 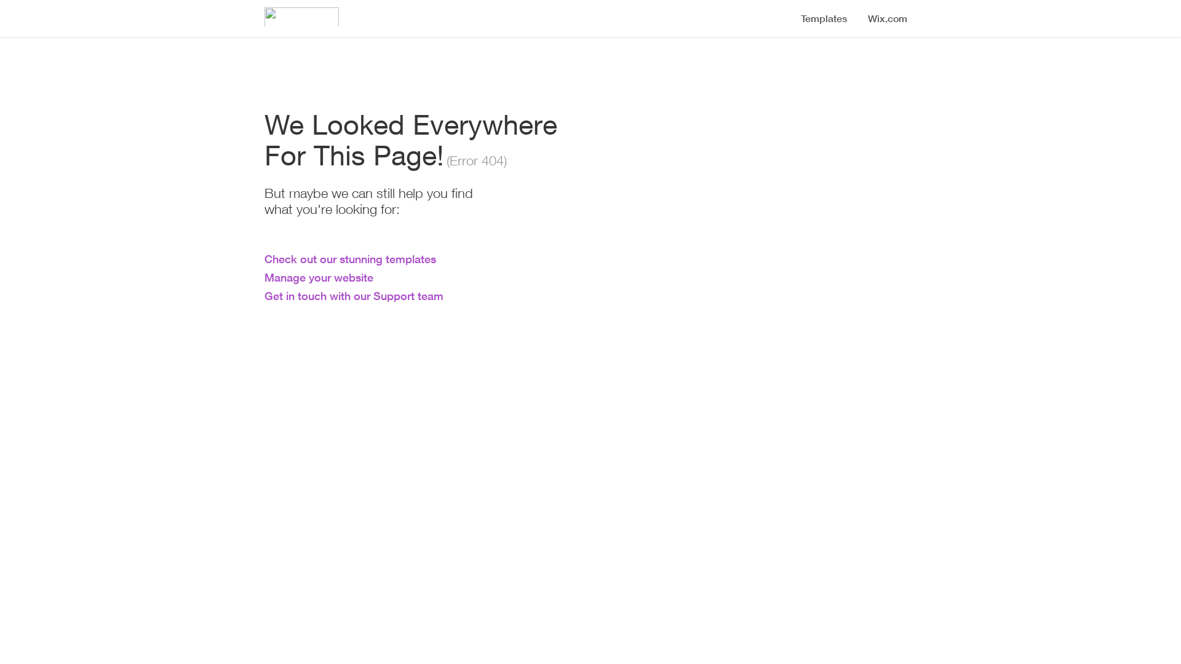 I want to click on 'Get in touch with our Support team', so click(x=353, y=296).